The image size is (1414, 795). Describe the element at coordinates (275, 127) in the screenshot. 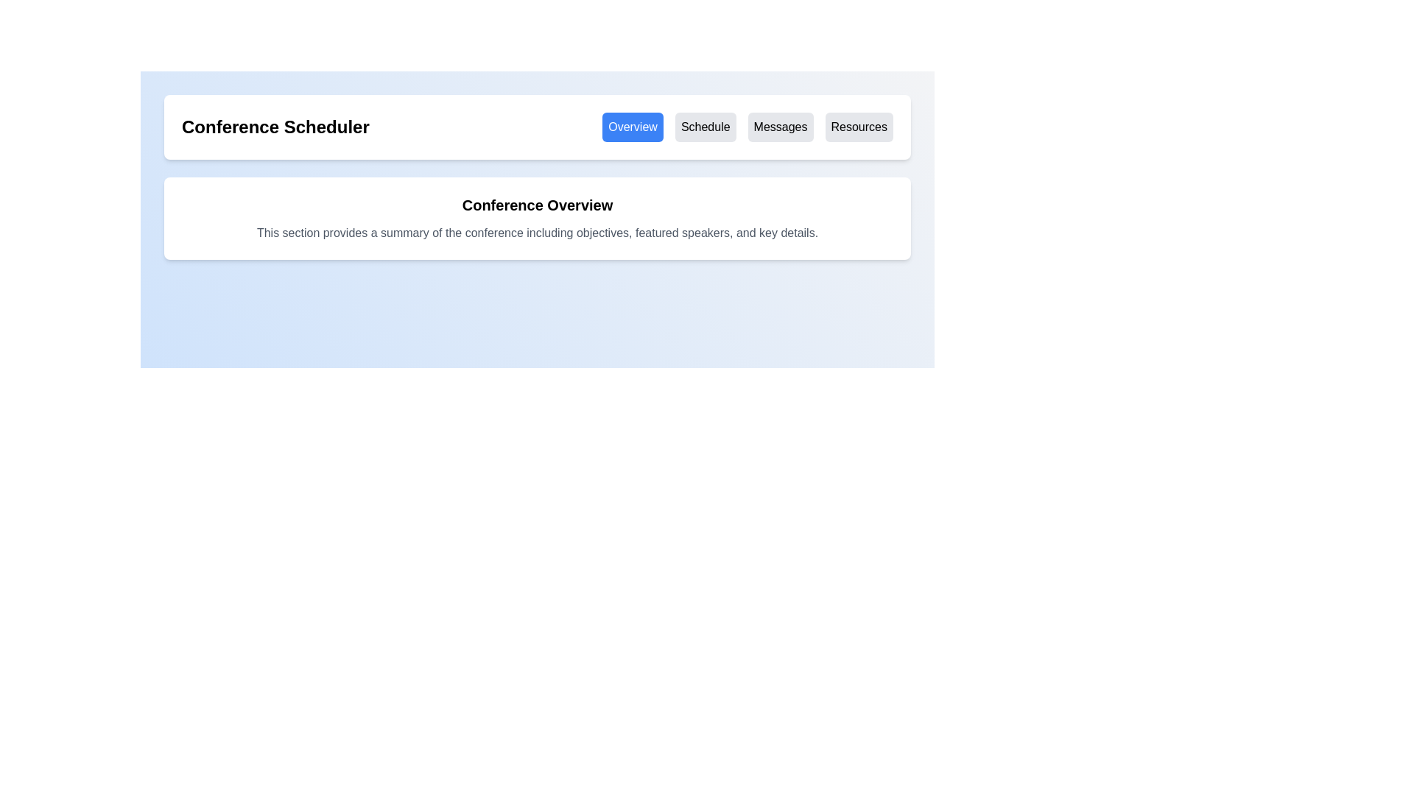

I see `the text label indicating the application's title, 'Conference Scheduler', positioned on the left side above the navigation tabs` at that location.